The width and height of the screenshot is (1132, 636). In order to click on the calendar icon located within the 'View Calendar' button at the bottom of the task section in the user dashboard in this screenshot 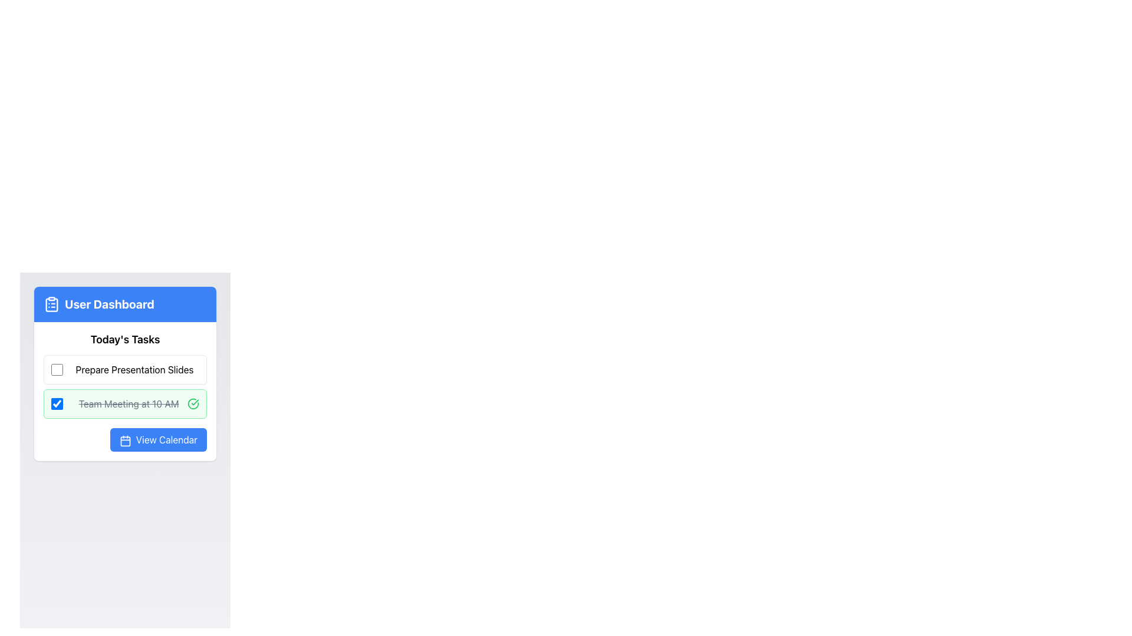, I will do `click(125, 440)`.